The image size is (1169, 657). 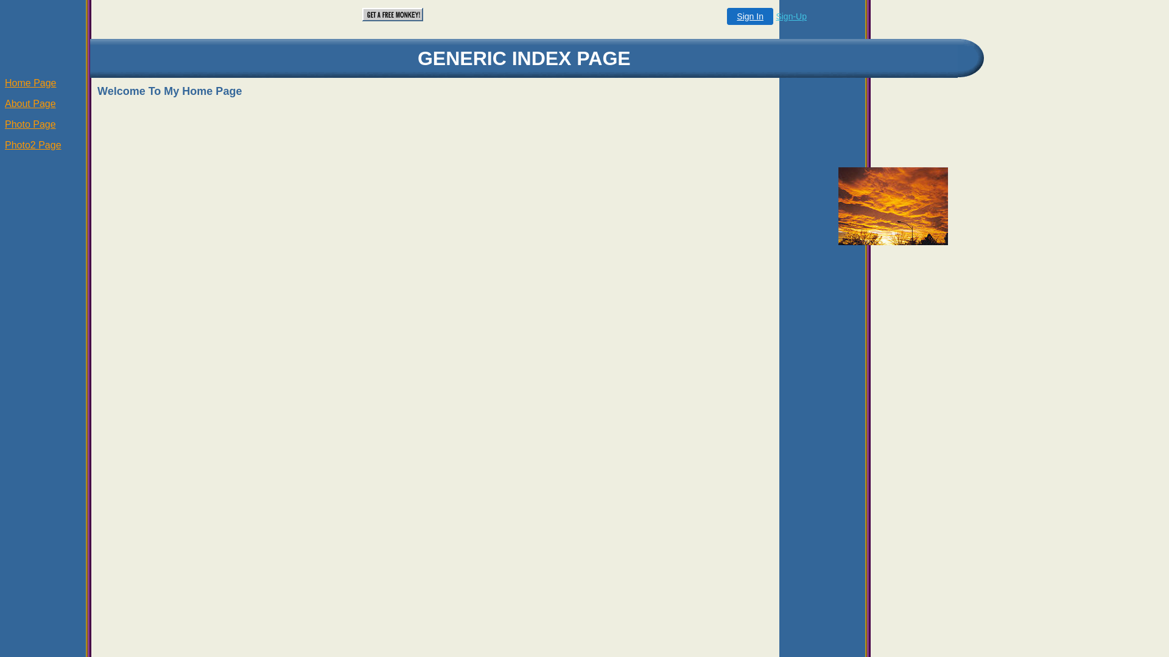 I want to click on 'Sign-Up', so click(x=791, y=16).